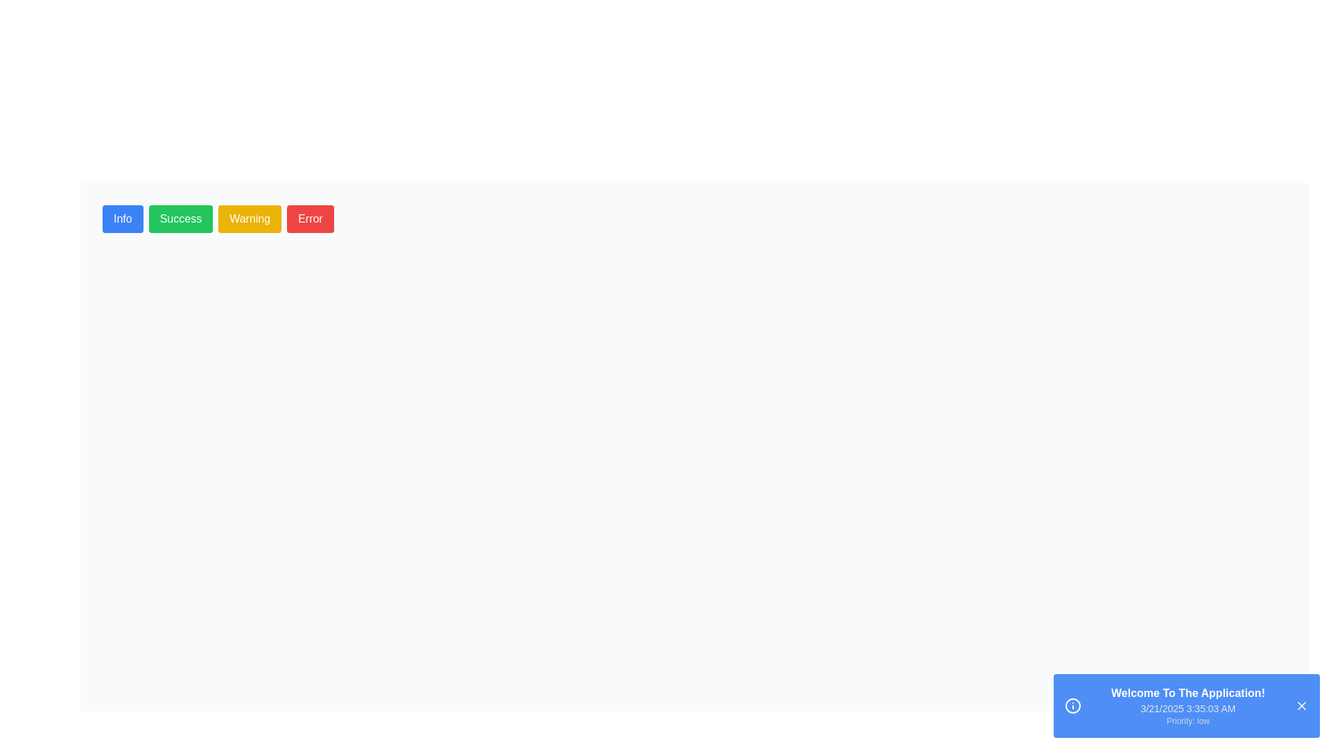 The image size is (1331, 749). What do you see at coordinates (1300, 706) in the screenshot?
I see `the circular button with a cross (X) symbol in the bottom-right corner of the 'Welcome to the application!' notification panel` at bounding box center [1300, 706].